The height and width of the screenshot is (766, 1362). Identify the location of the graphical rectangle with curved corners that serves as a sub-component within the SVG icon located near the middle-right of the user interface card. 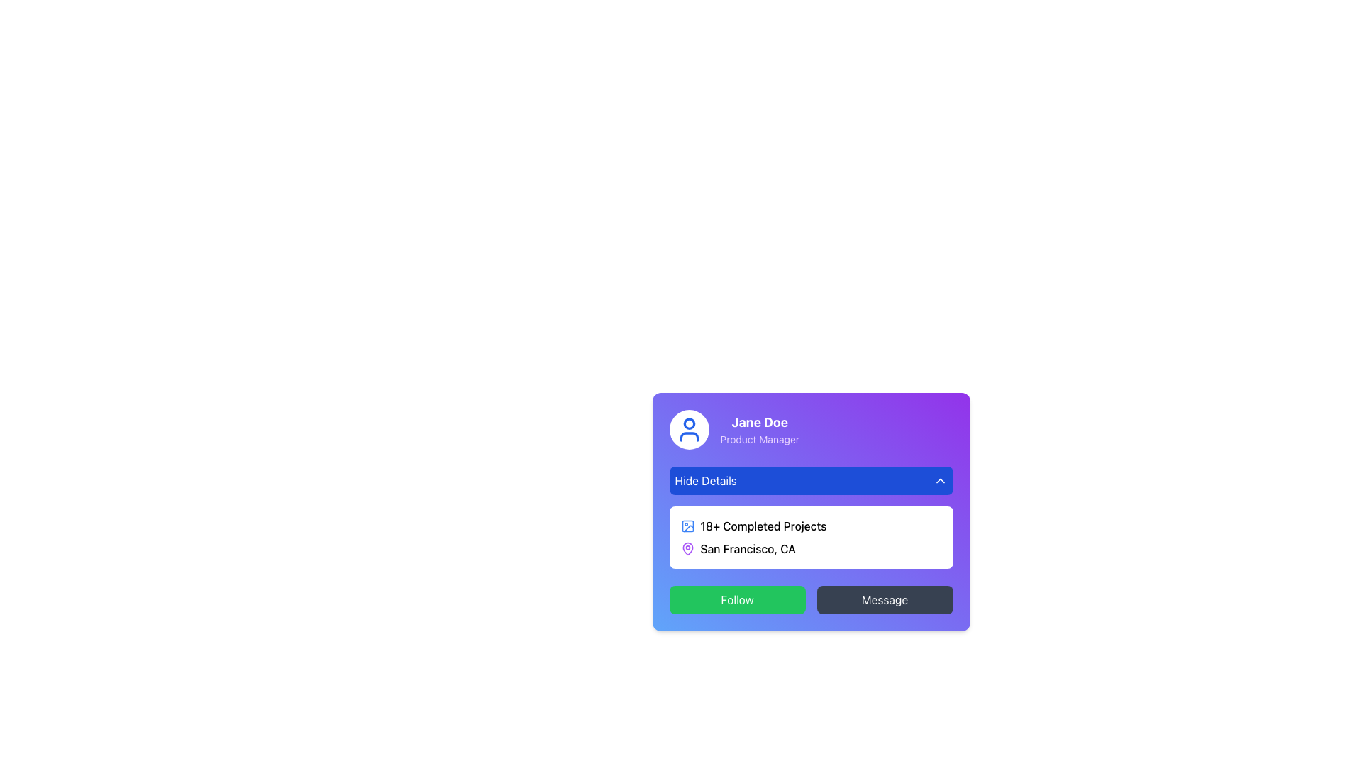
(687, 526).